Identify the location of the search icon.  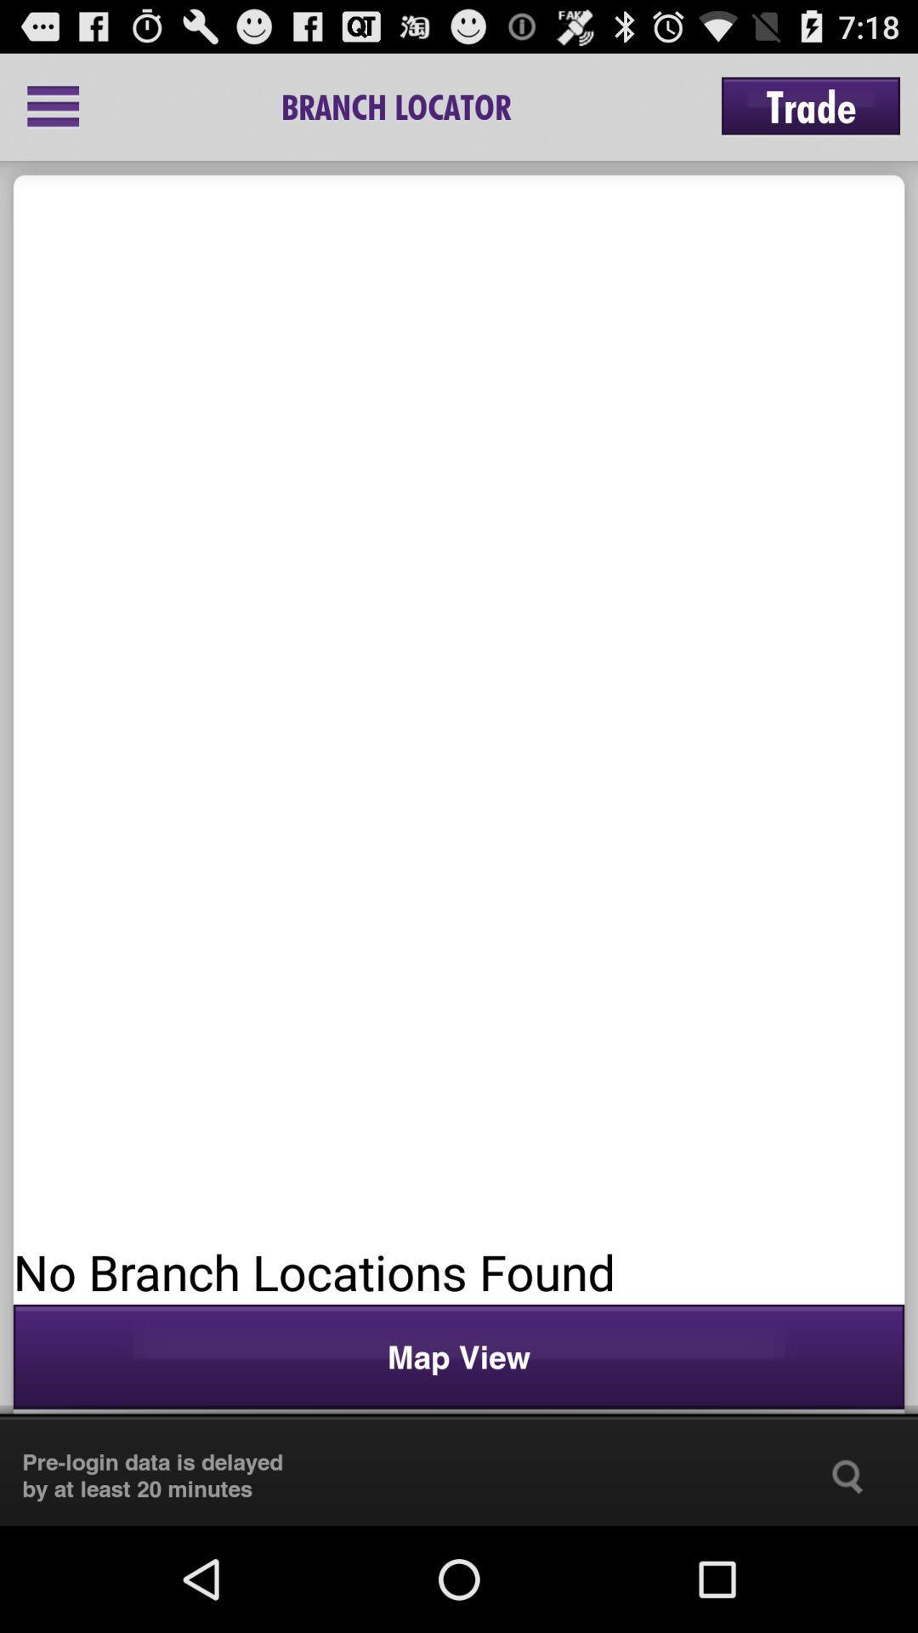
(847, 1579).